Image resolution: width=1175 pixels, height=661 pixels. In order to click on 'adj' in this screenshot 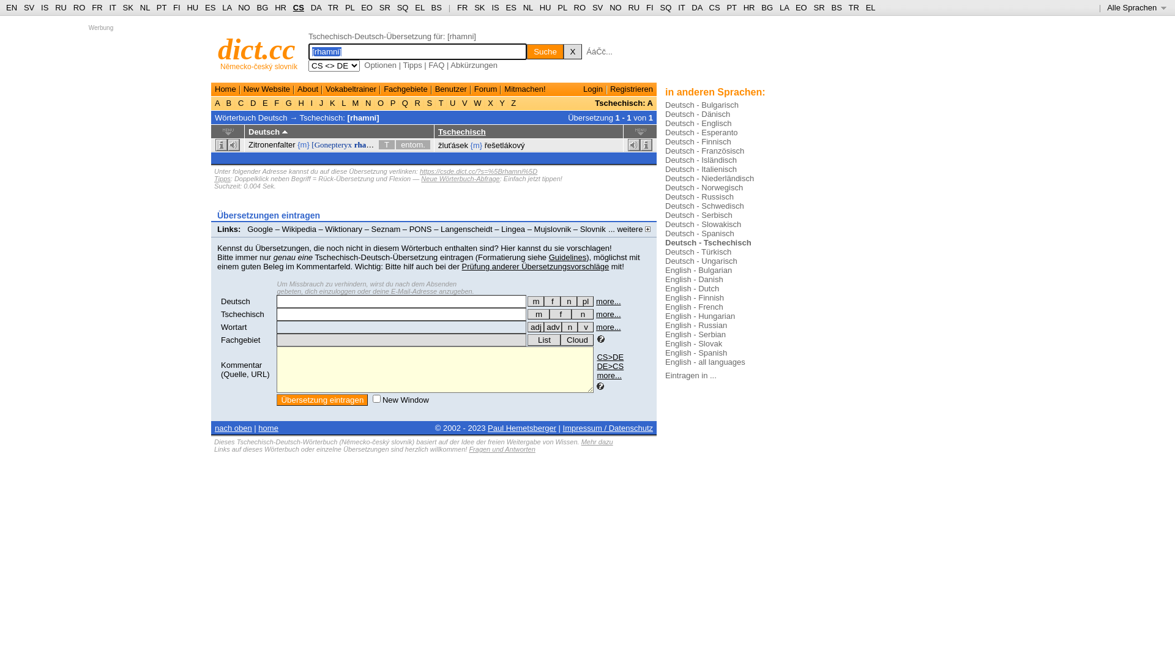, I will do `click(535, 326)`.